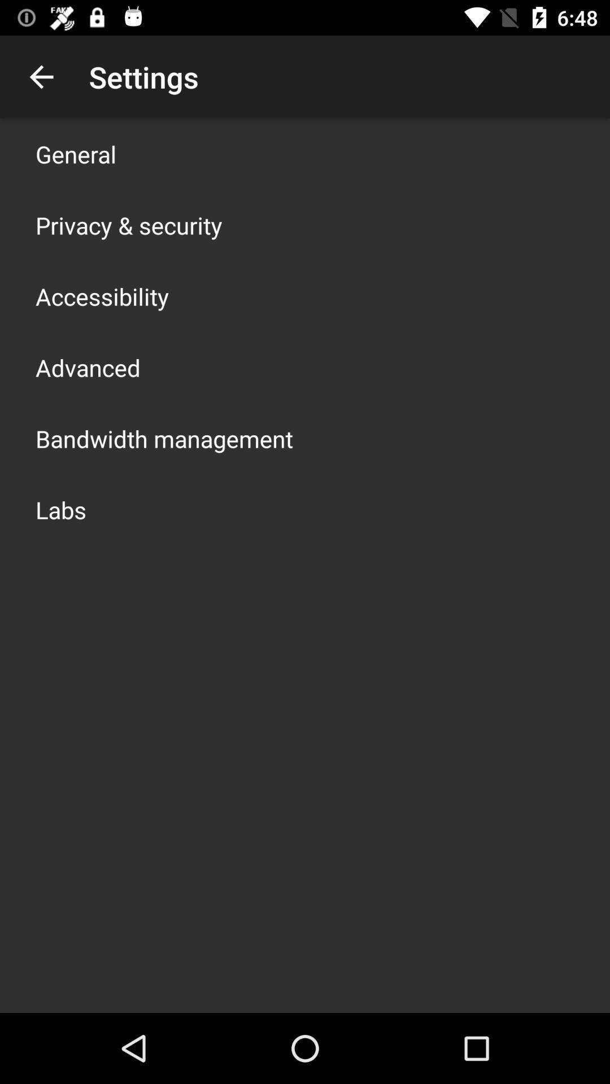 Image resolution: width=610 pixels, height=1084 pixels. What do you see at coordinates (41, 76) in the screenshot?
I see `app next to settings item` at bounding box center [41, 76].